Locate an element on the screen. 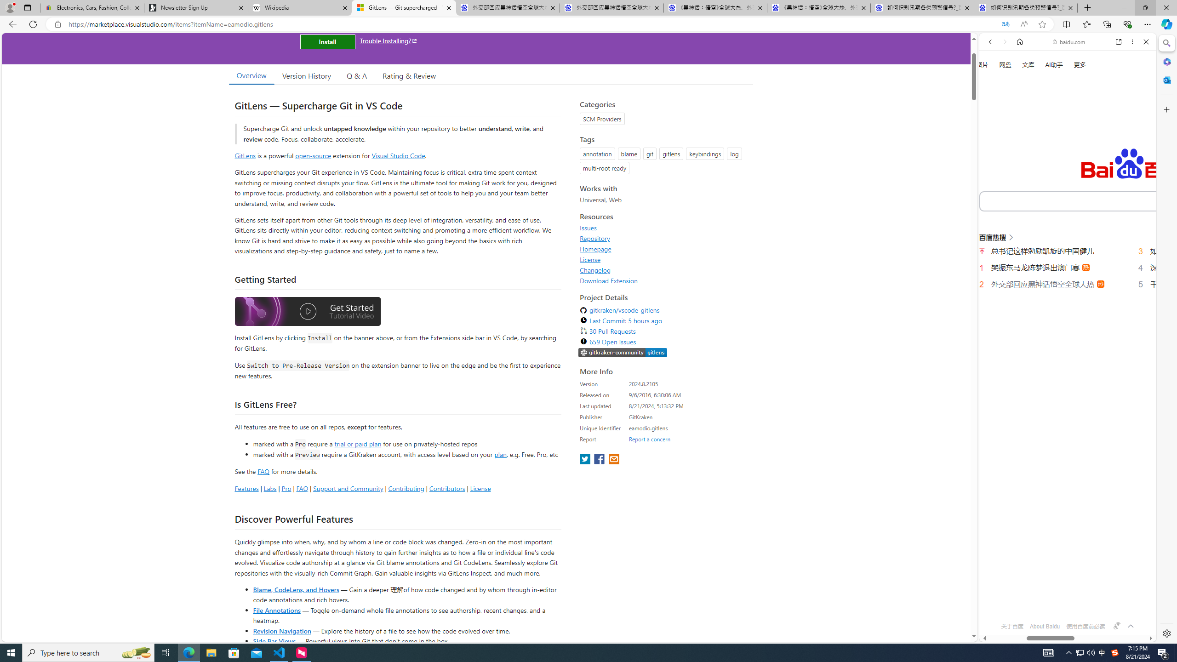 This screenshot has height=662, width=1177. 'Support and Community' is located at coordinates (348, 488).